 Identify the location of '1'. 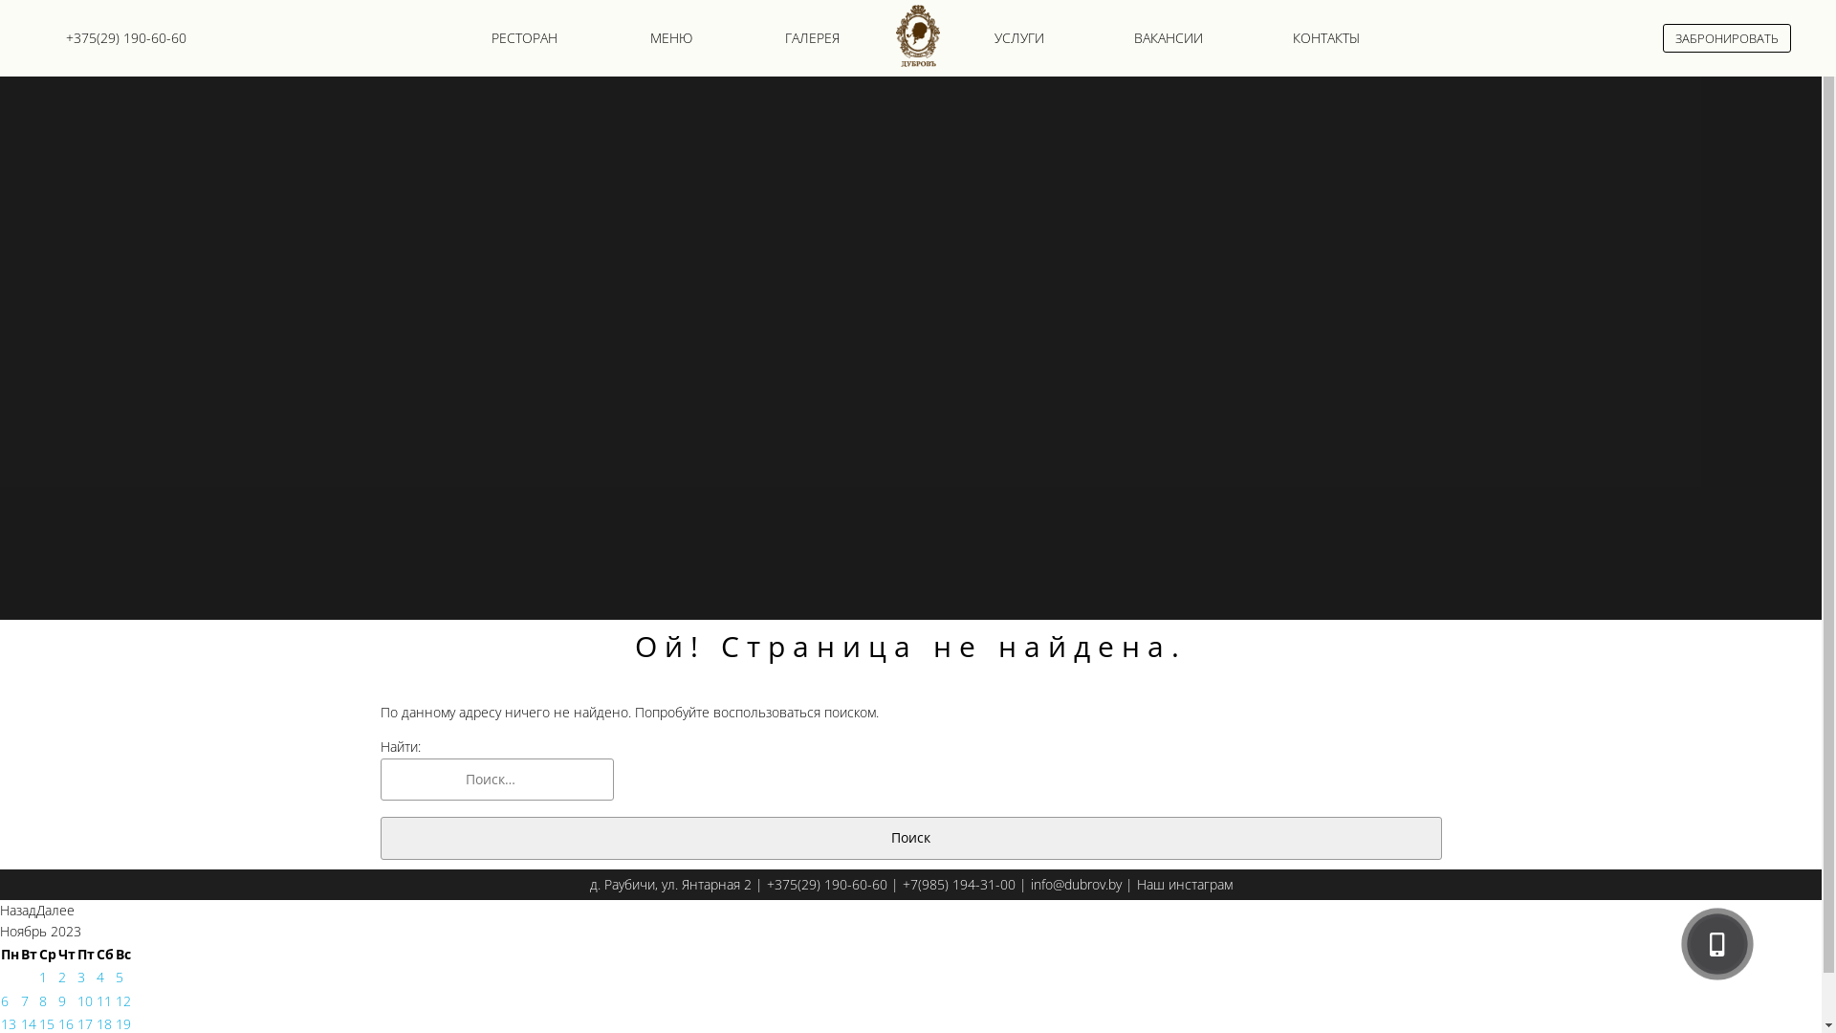
(42, 977).